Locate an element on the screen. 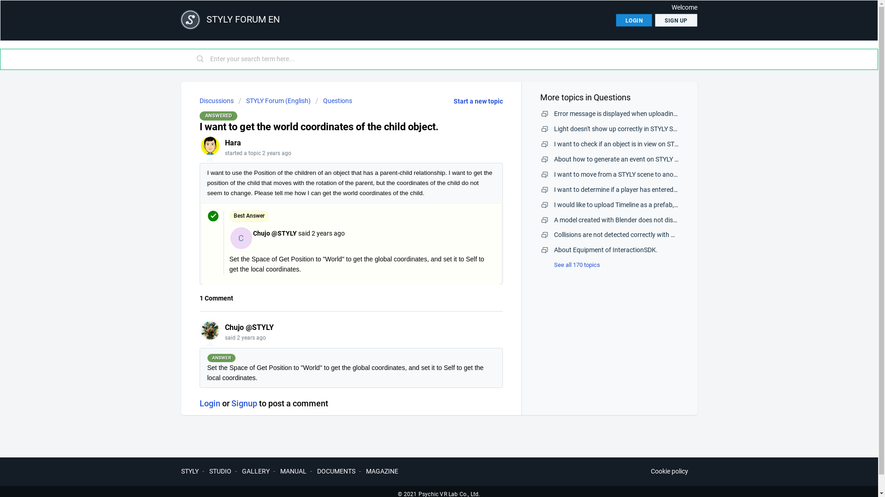  'See all 170 topics' is located at coordinates (570, 265).